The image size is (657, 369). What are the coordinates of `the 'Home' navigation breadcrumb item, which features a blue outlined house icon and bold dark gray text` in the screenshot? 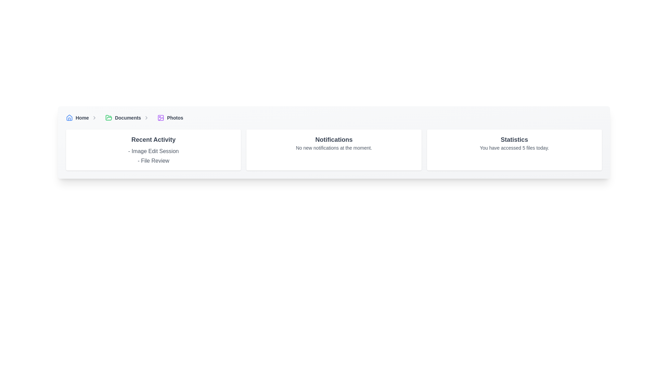 It's located at (82, 117).